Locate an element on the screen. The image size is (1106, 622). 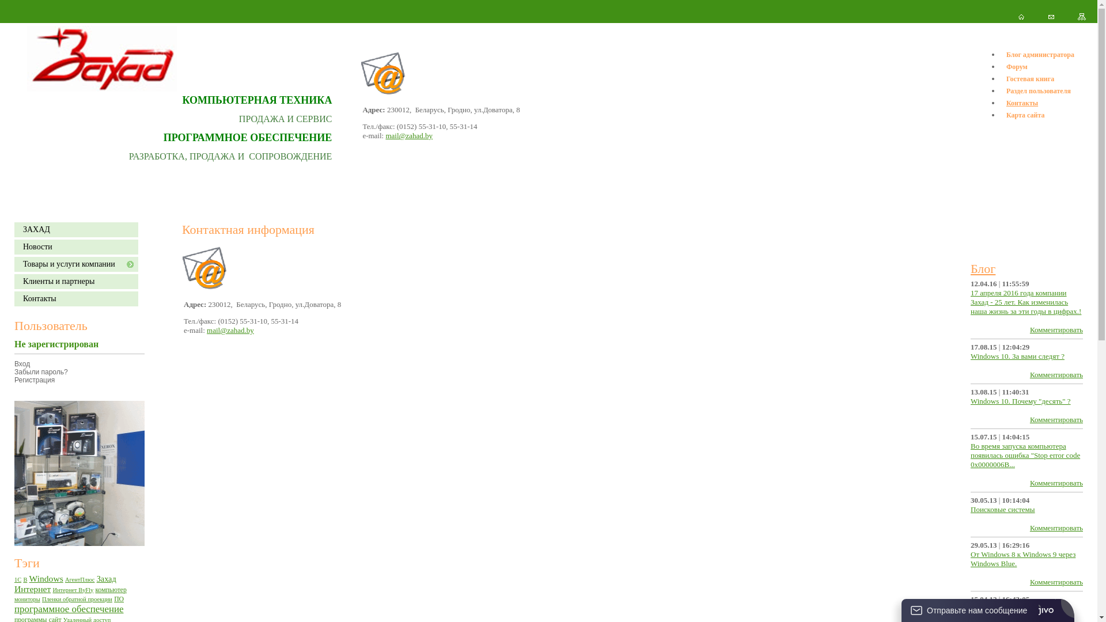
'1C' is located at coordinates (17, 579).